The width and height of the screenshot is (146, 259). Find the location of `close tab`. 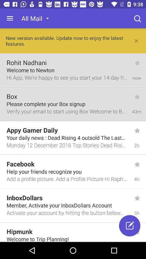

close tab is located at coordinates (136, 40).